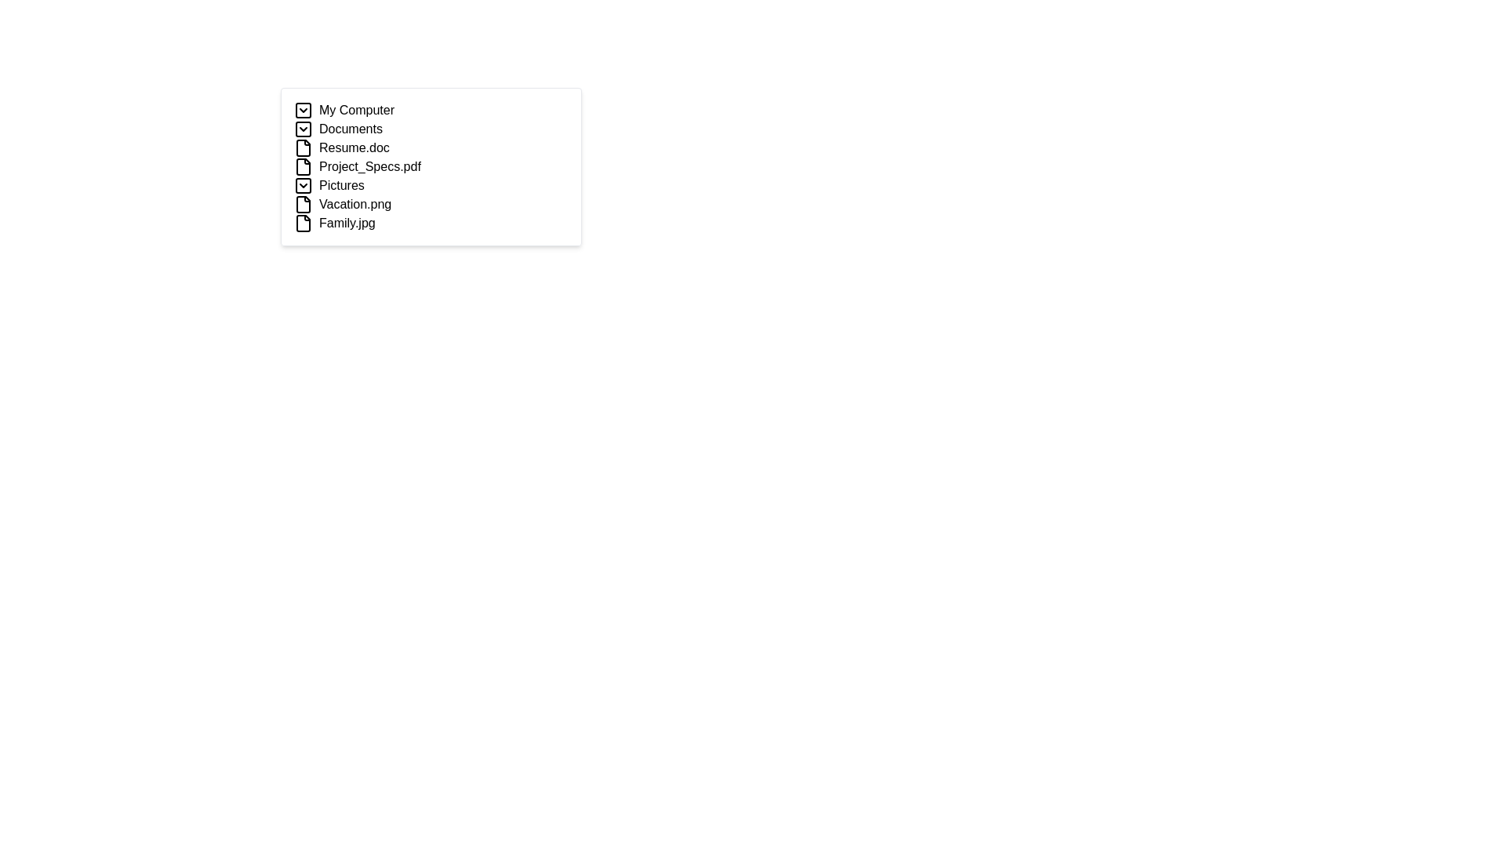  What do you see at coordinates (304, 184) in the screenshot?
I see `the downward-pointing chevron icon` at bounding box center [304, 184].